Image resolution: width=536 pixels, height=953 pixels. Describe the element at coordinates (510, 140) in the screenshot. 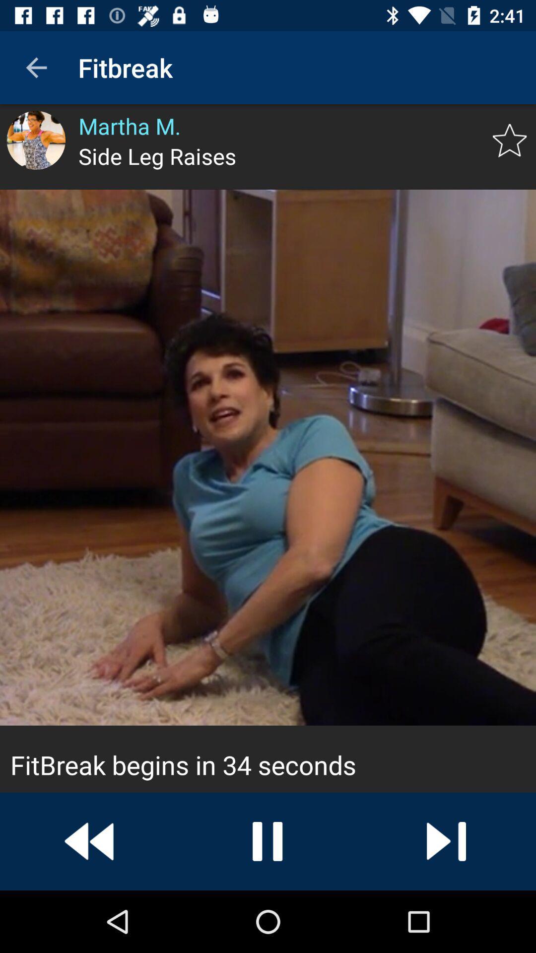

I see `item next to side leg raises` at that location.